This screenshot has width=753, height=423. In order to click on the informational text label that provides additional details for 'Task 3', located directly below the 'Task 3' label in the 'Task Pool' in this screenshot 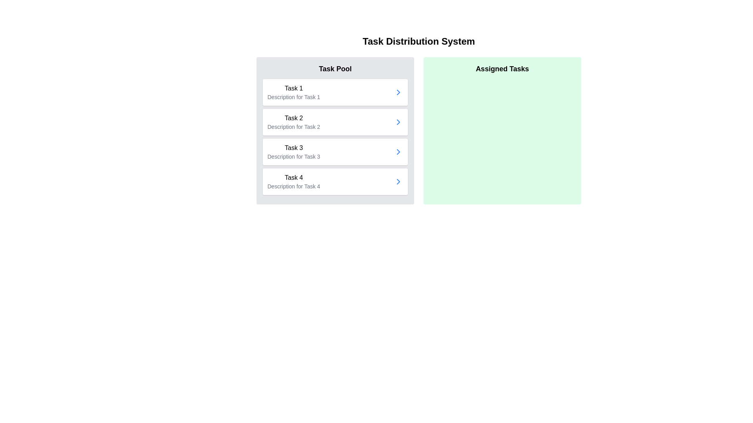, I will do `click(293, 157)`.